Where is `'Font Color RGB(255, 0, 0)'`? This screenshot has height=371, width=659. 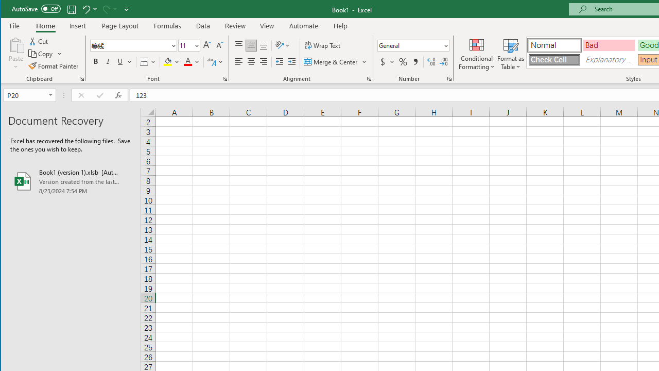
'Font Color RGB(255, 0, 0)' is located at coordinates (188, 62).